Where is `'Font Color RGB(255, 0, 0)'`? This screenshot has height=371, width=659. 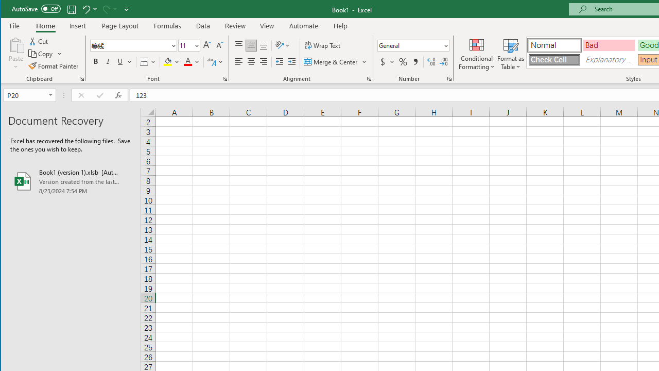
'Font Color RGB(255, 0, 0)' is located at coordinates (188, 62).